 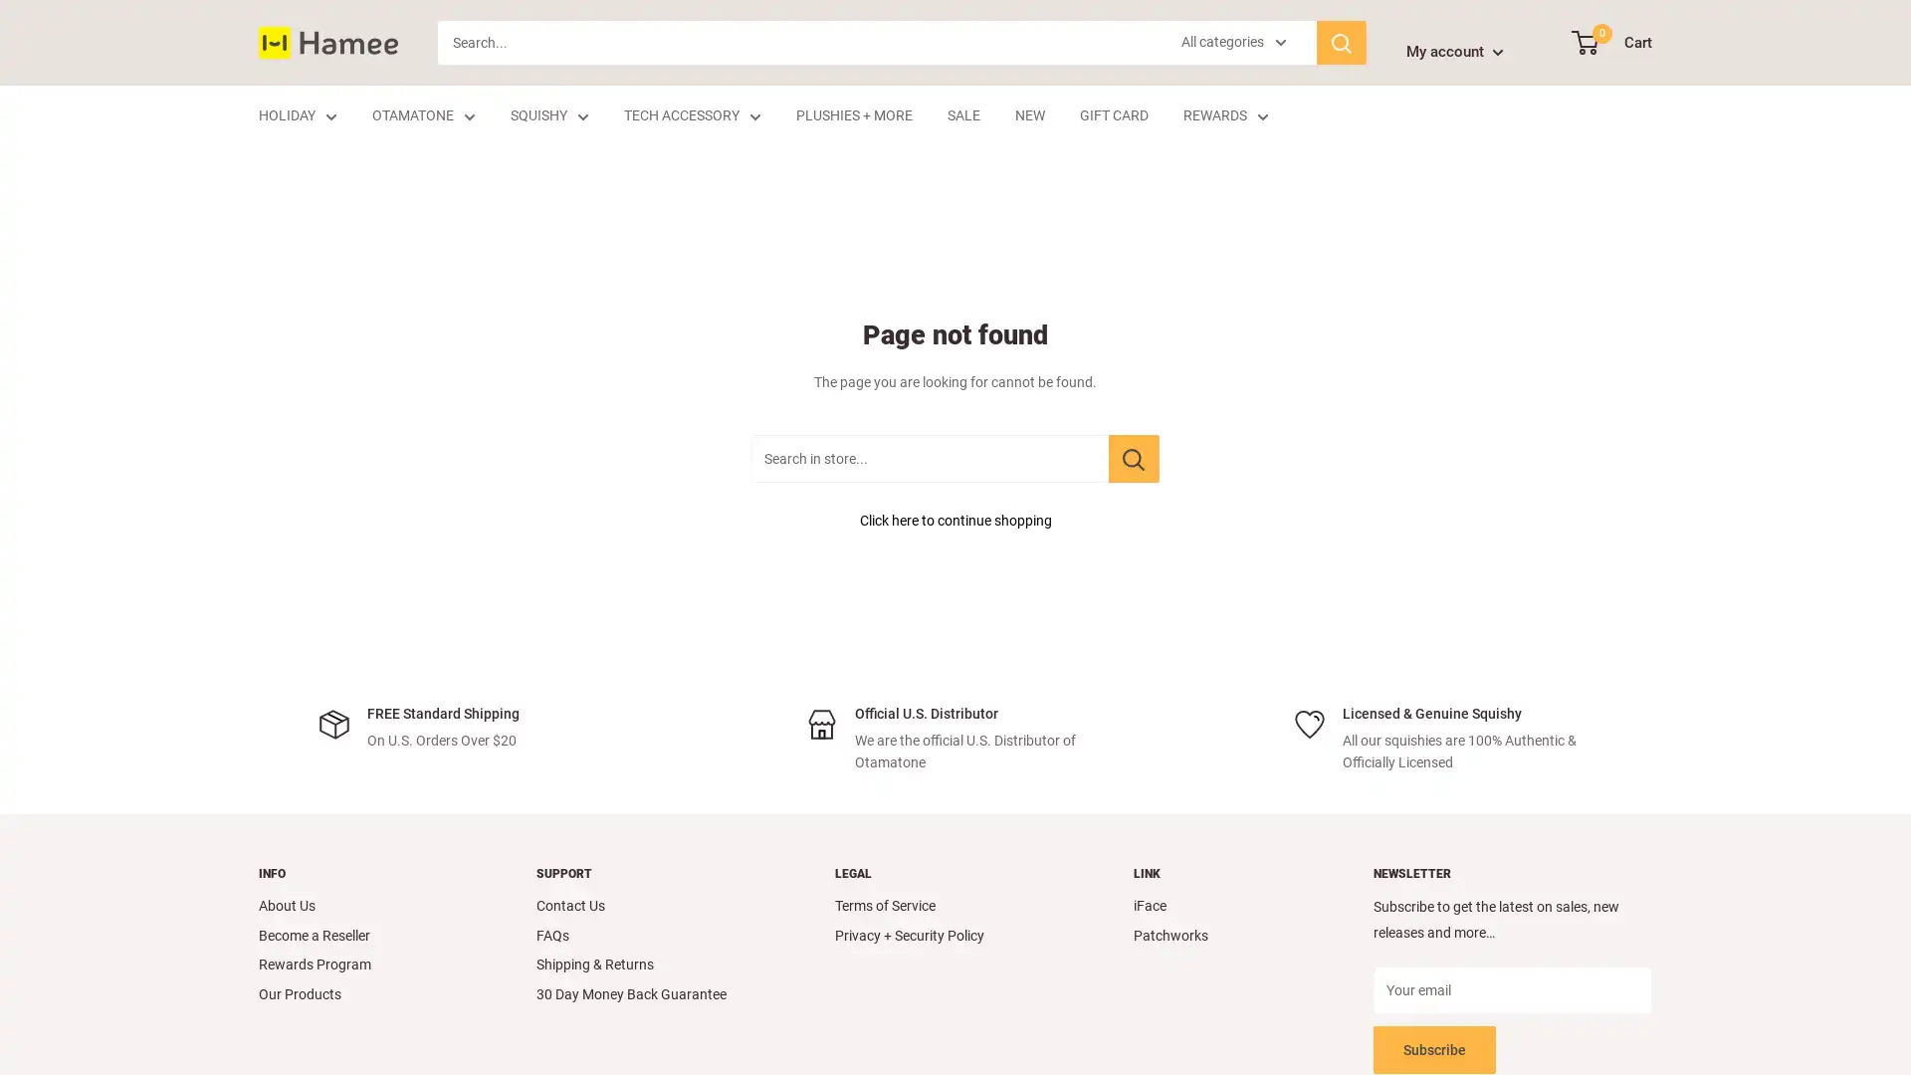 I want to click on Subscribe, so click(x=1434, y=1047).